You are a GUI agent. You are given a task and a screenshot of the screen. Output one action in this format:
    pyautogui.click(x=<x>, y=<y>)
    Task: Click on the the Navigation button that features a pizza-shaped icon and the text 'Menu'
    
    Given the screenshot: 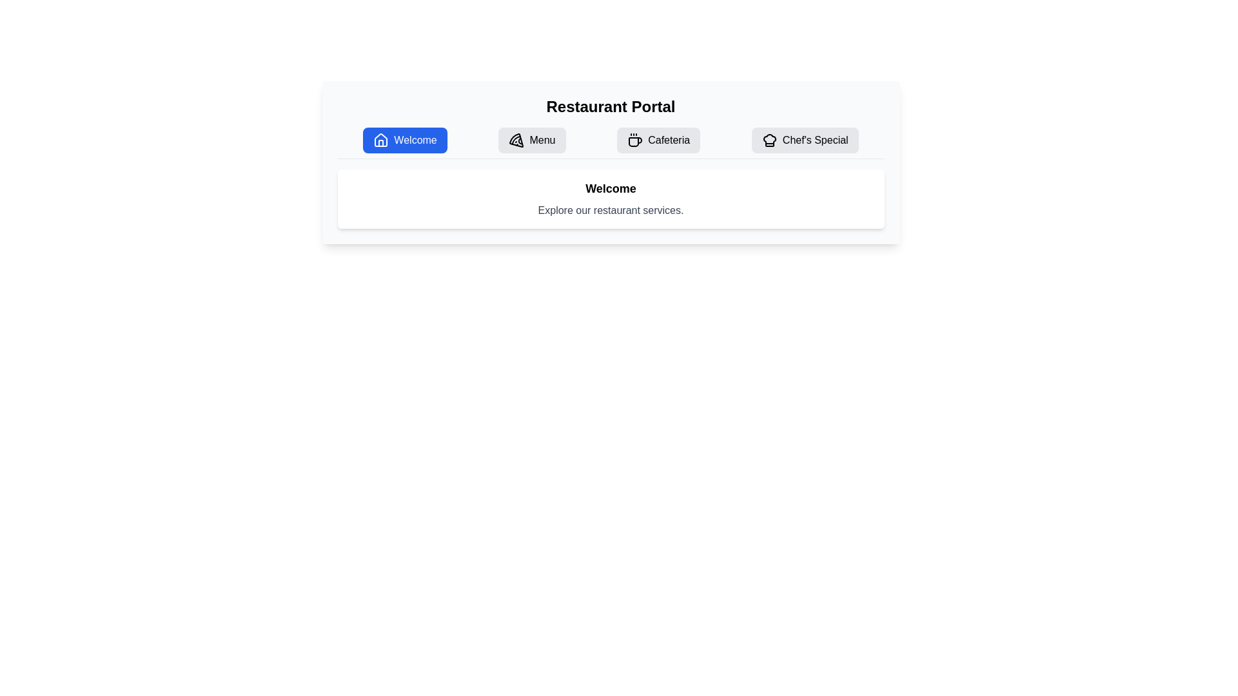 What is the action you would take?
    pyautogui.click(x=532, y=140)
    